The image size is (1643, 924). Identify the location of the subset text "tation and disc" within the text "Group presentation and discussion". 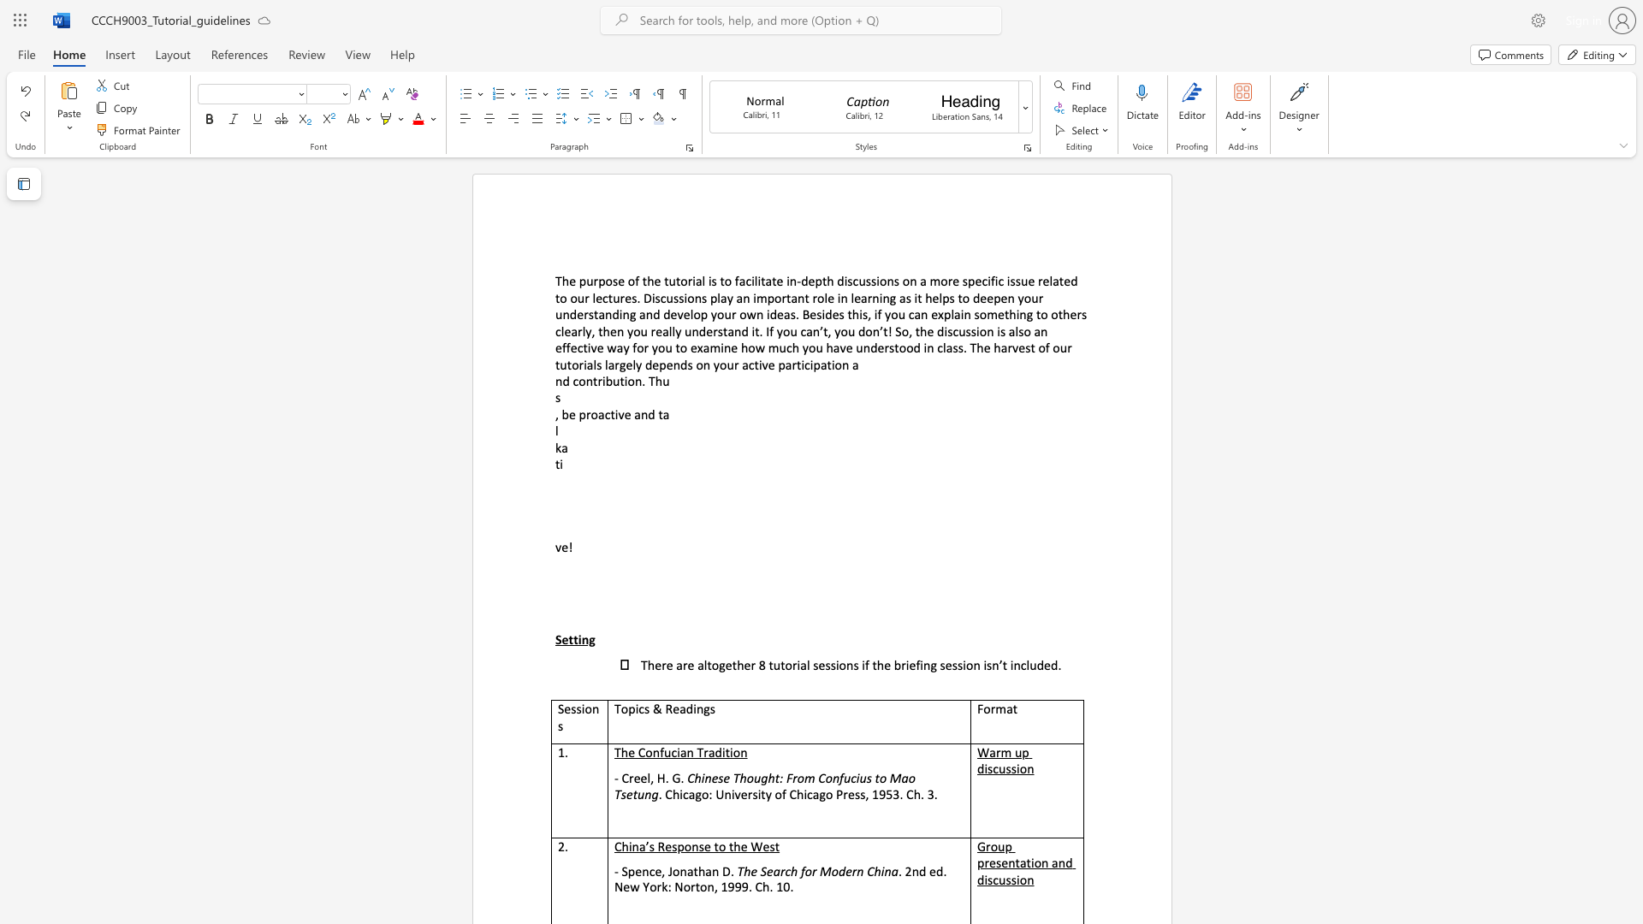
(1015, 862).